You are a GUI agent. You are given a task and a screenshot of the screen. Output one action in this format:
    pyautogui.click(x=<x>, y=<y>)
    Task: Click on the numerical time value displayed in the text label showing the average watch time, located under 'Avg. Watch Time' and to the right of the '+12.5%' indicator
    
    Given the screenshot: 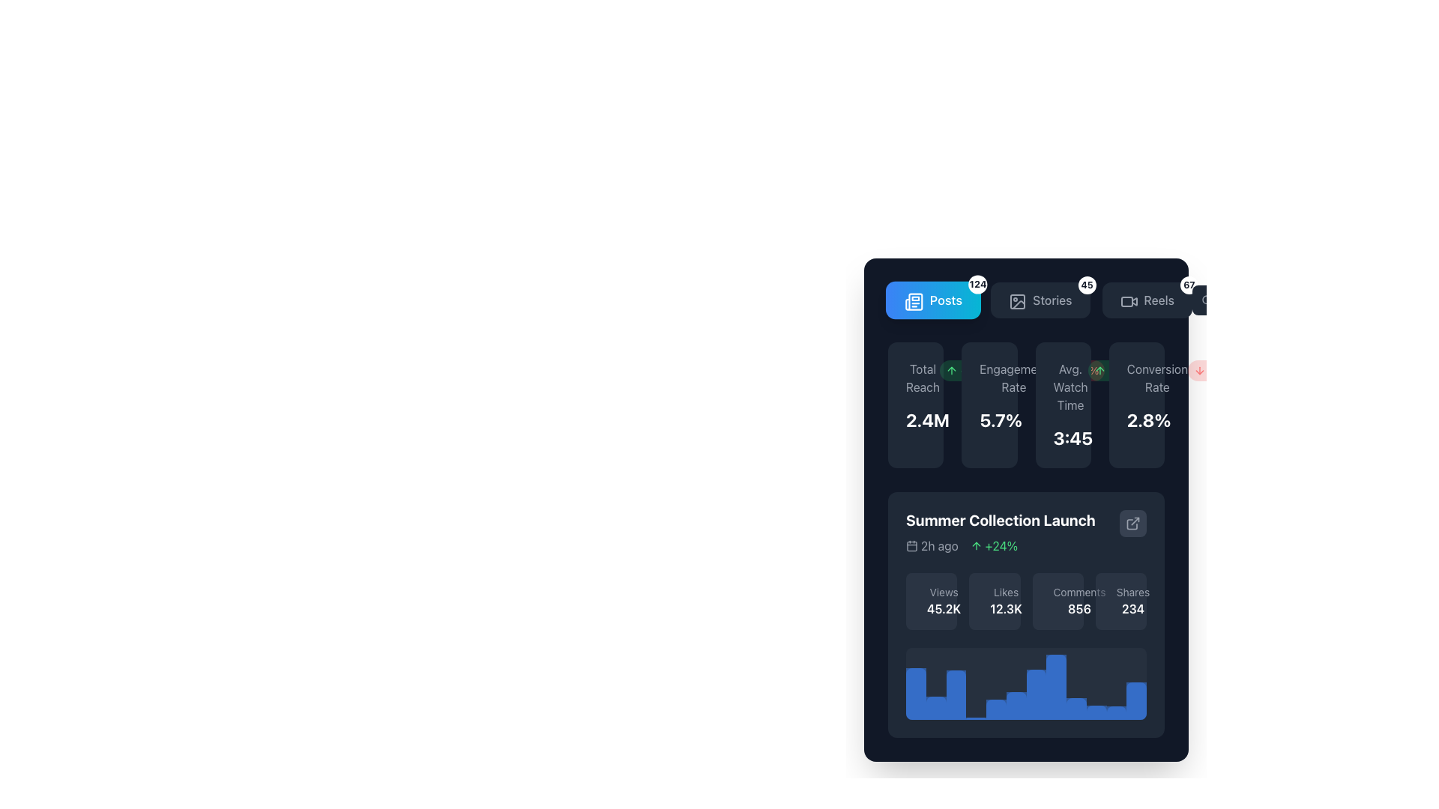 What is the action you would take?
    pyautogui.click(x=1062, y=438)
    